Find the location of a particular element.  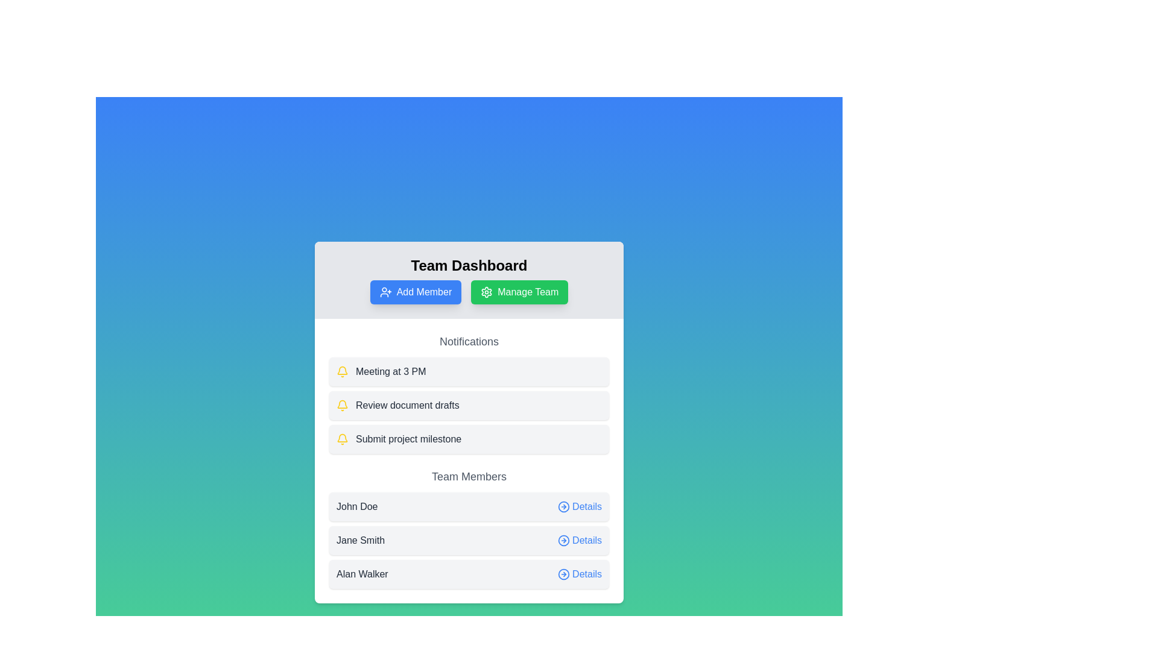

the 'Add Member' button is located at coordinates (416, 292).